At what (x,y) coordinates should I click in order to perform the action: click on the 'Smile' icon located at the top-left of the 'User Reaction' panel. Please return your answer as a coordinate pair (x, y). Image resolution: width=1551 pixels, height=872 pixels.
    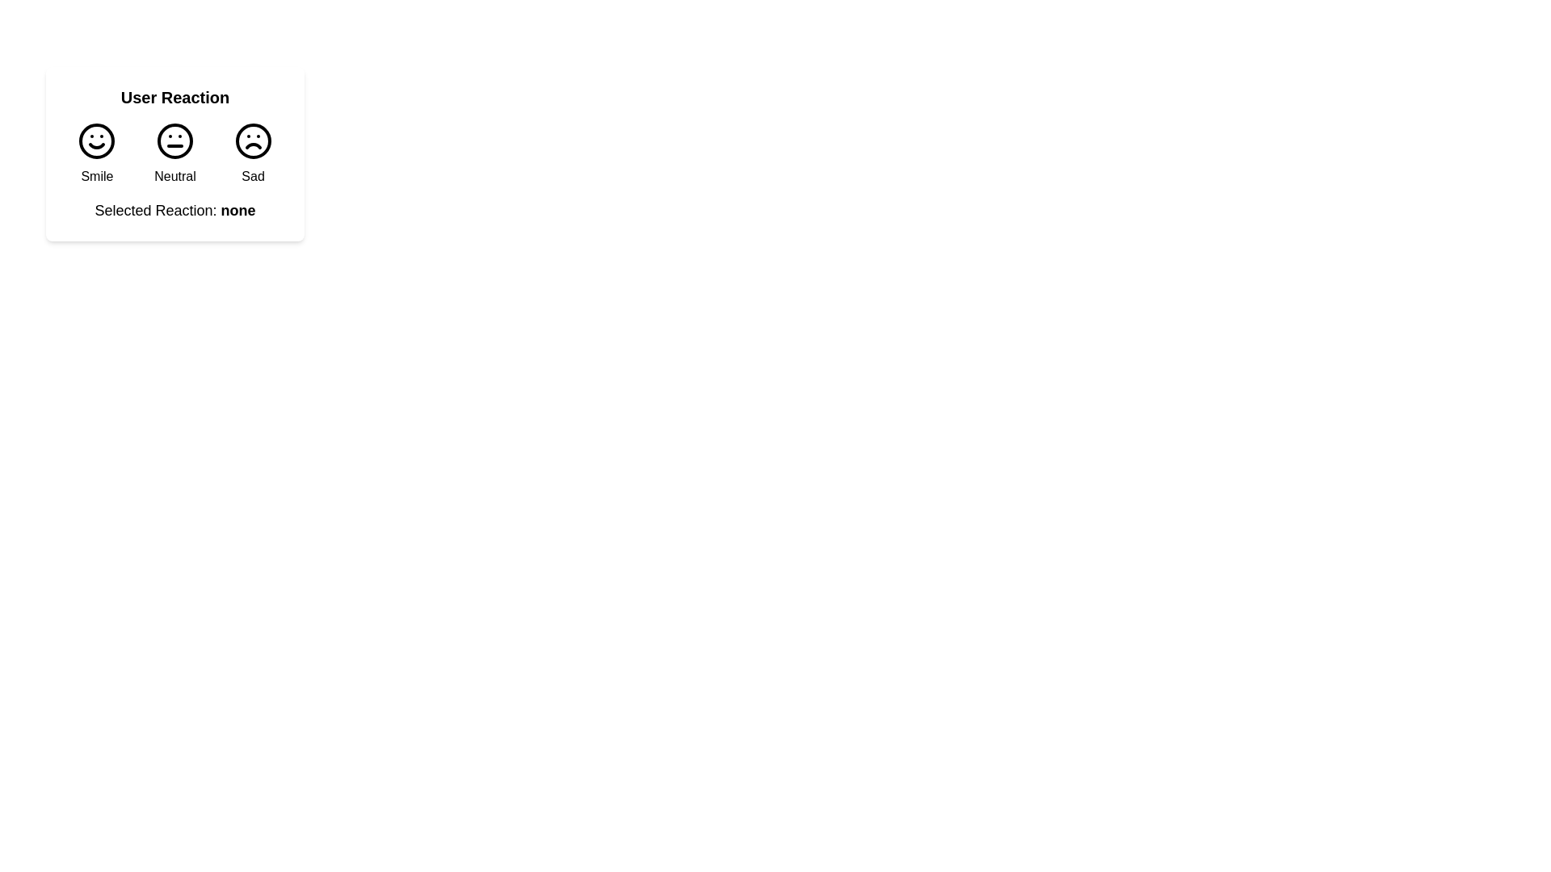
    Looking at the image, I should click on (96, 140).